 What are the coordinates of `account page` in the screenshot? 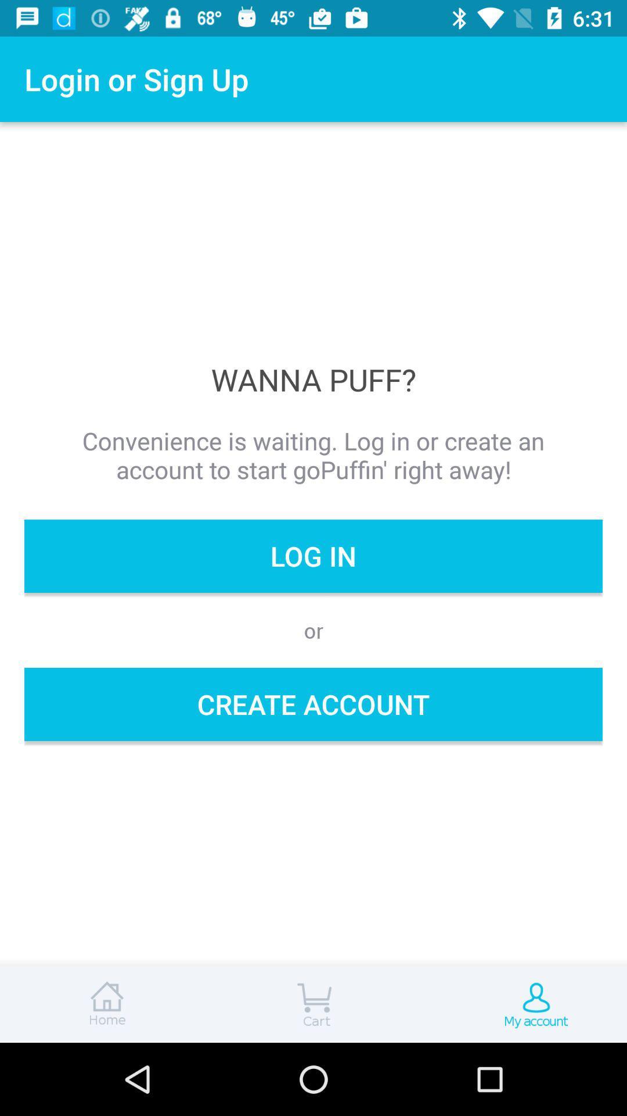 It's located at (521, 1004).